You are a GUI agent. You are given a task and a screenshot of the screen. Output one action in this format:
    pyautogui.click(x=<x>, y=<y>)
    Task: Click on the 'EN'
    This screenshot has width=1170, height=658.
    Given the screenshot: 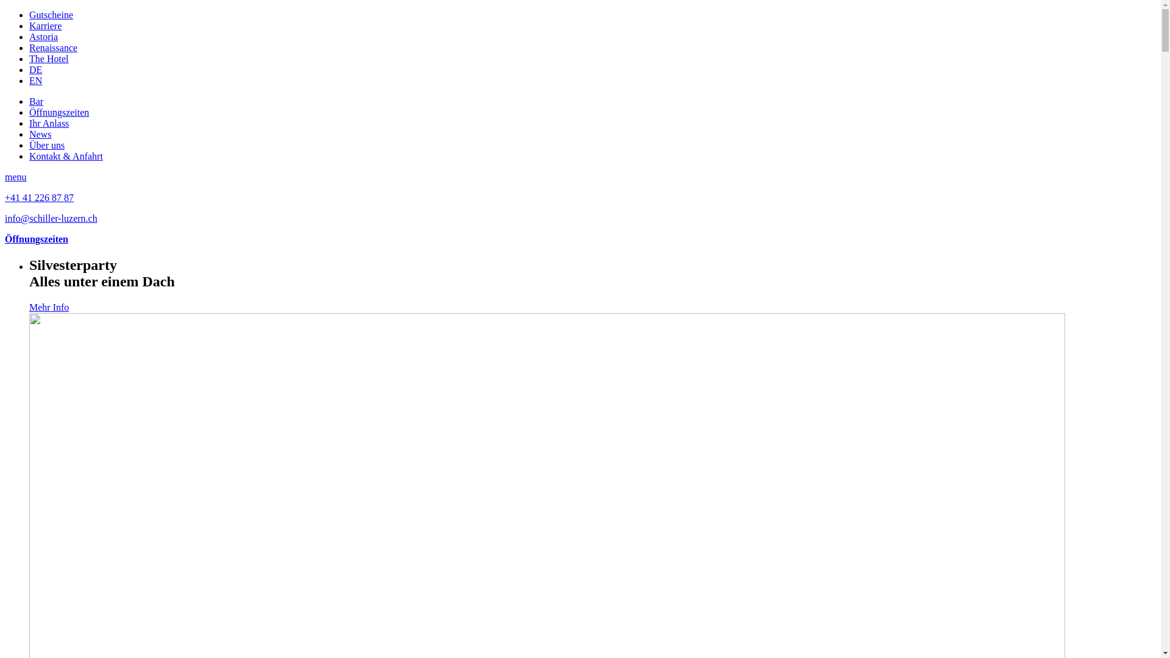 What is the action you would take?
    pyautogui.click(x=35, y=80)
    